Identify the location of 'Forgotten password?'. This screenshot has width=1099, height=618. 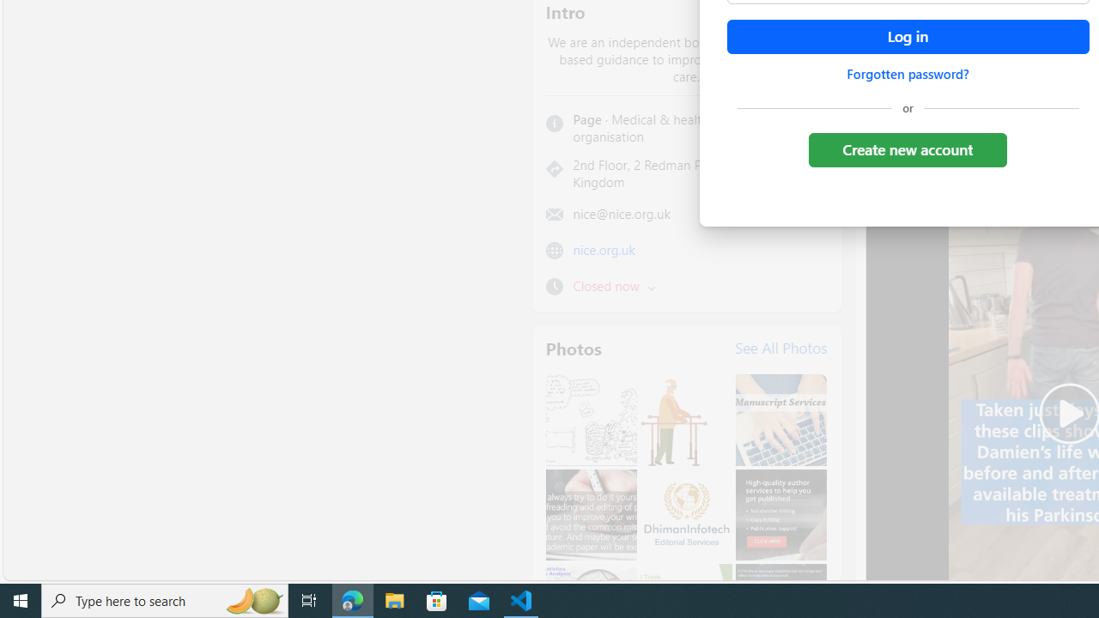
(907, 73).